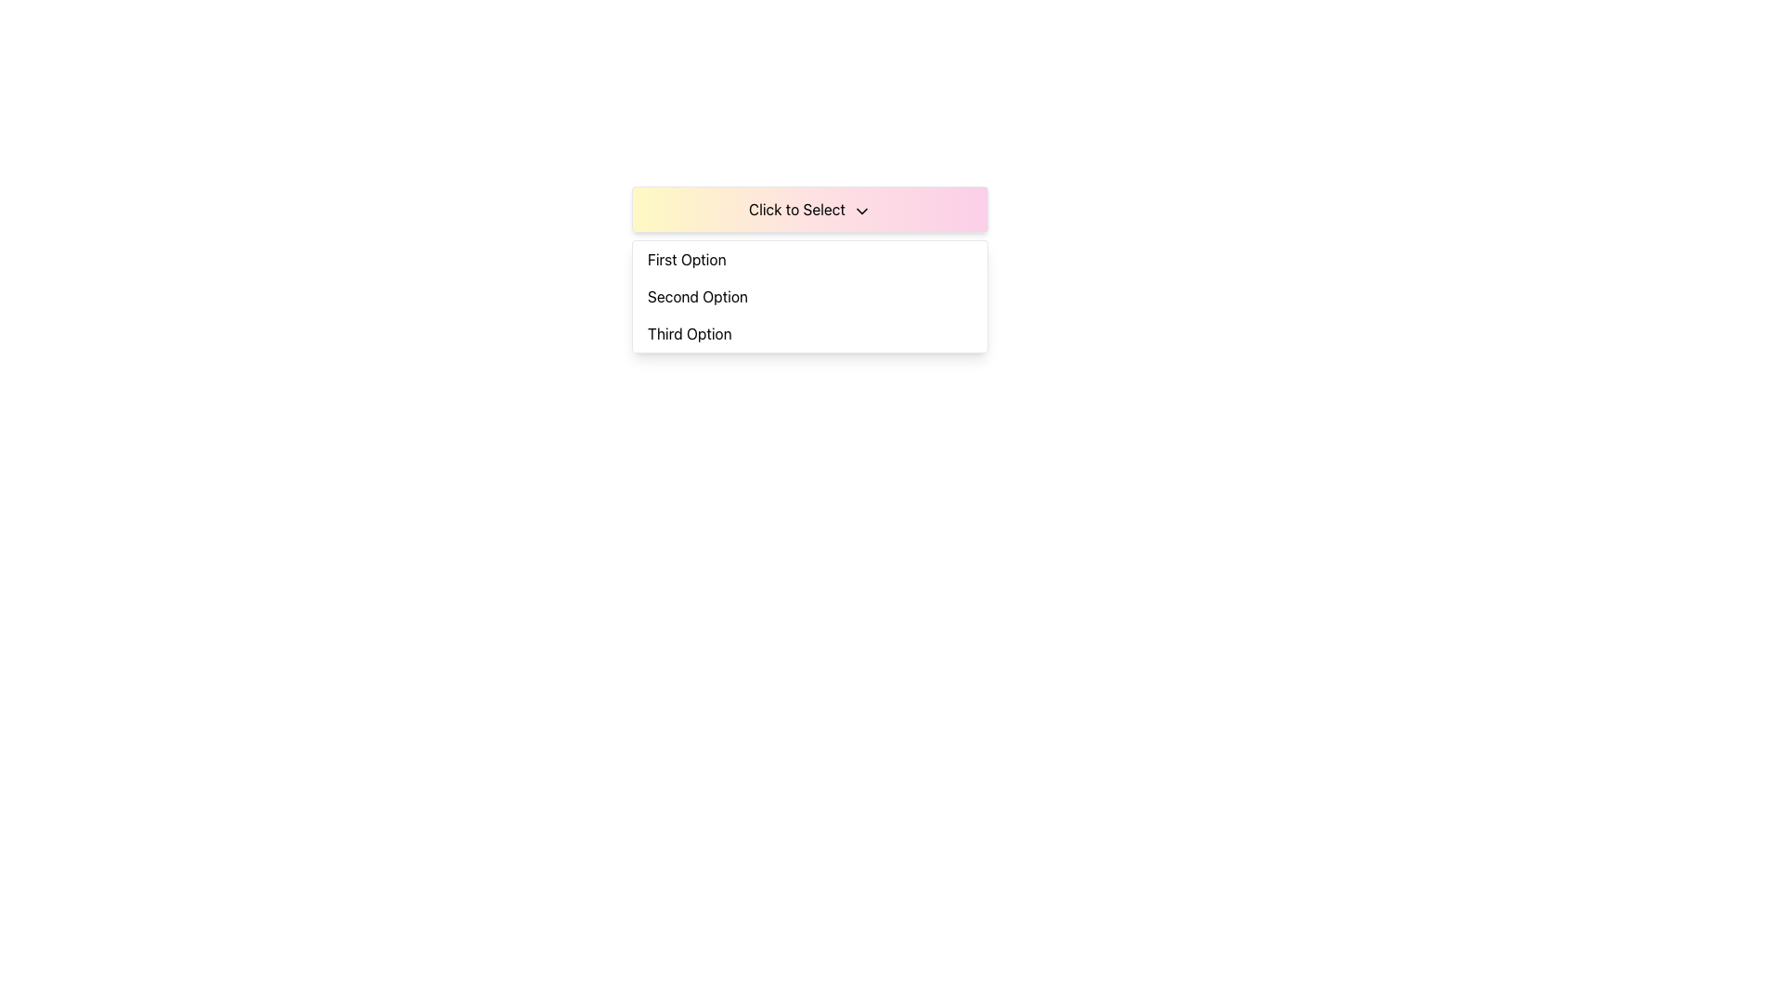  What do you see at coordinates (810, 296) in the screenshot?
I see `the second menu item in the dropdown list` at bounding box center [810, 296].